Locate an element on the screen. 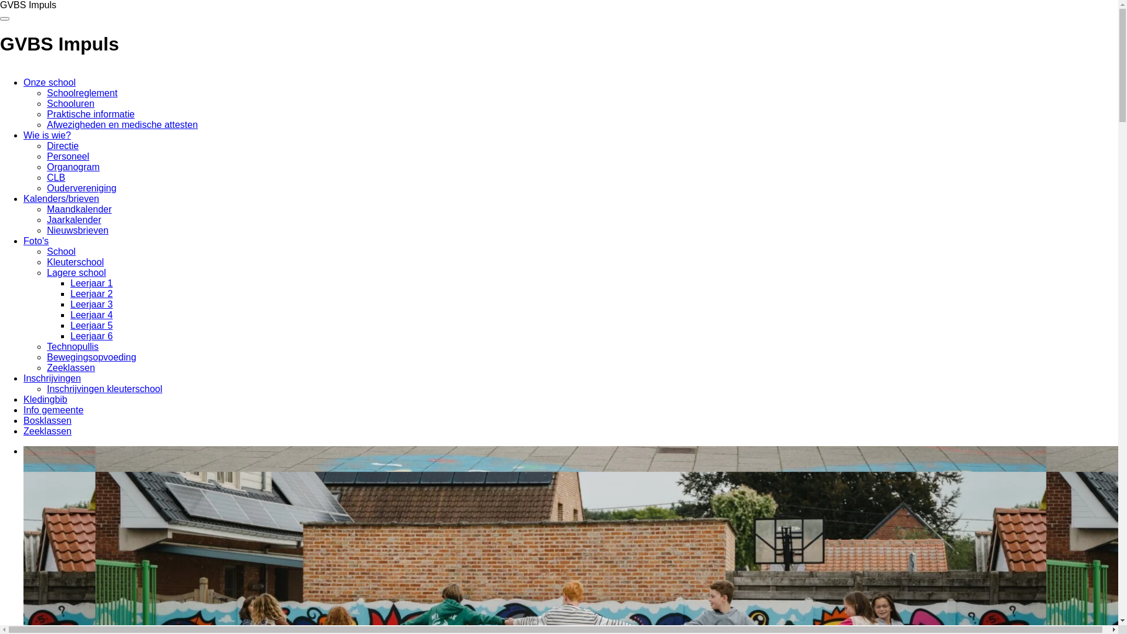 The image size is (1127, 634). 'Leerjaar 2' is located at coordinates (91, 293).